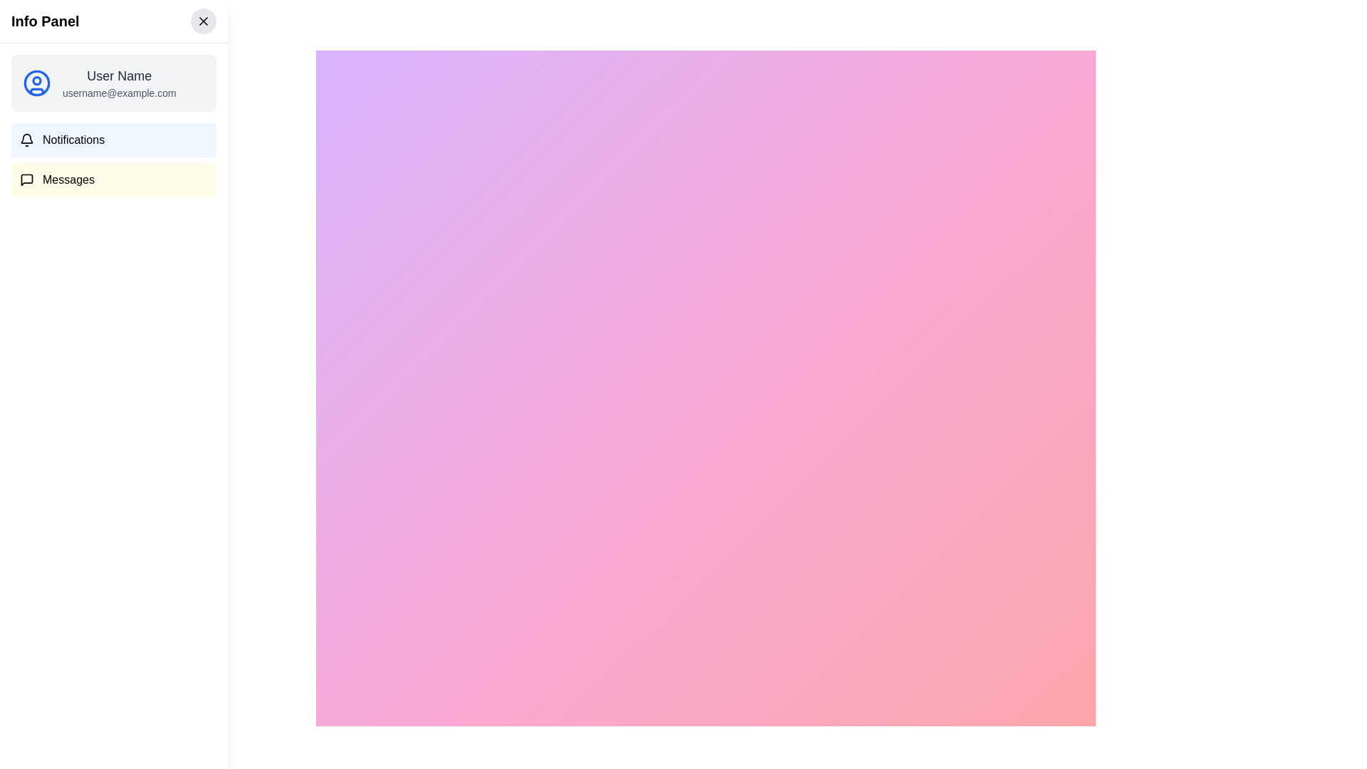  What do you see at coordinates (37, 83) in the screenshot?
I see `the blue decorative circle within the user profile icon located in the top-left section of the interface` at bounding box center [37, 83].